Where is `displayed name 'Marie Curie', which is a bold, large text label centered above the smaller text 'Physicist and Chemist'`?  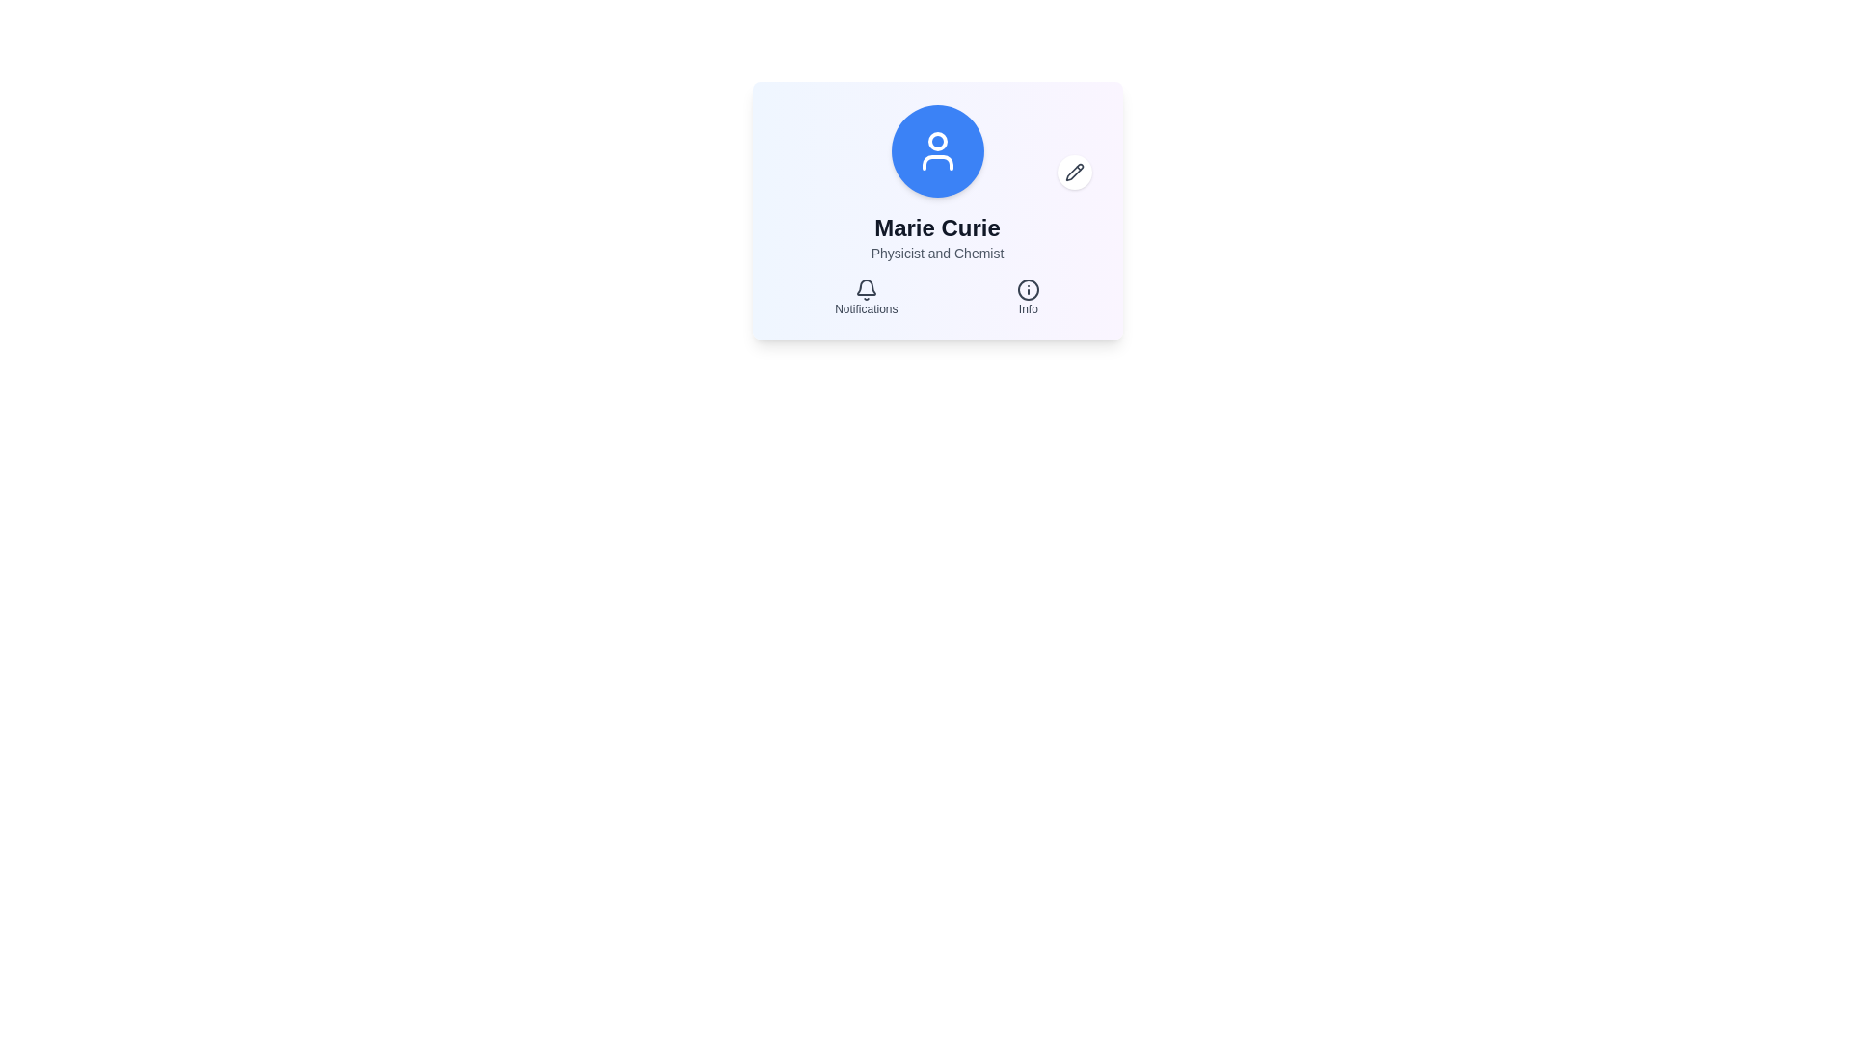 displayed name 'Marie Curie', which is a bold, large text label centered above the smaller text 'Physicist and Chemist' is located at coordinates (937, 227).